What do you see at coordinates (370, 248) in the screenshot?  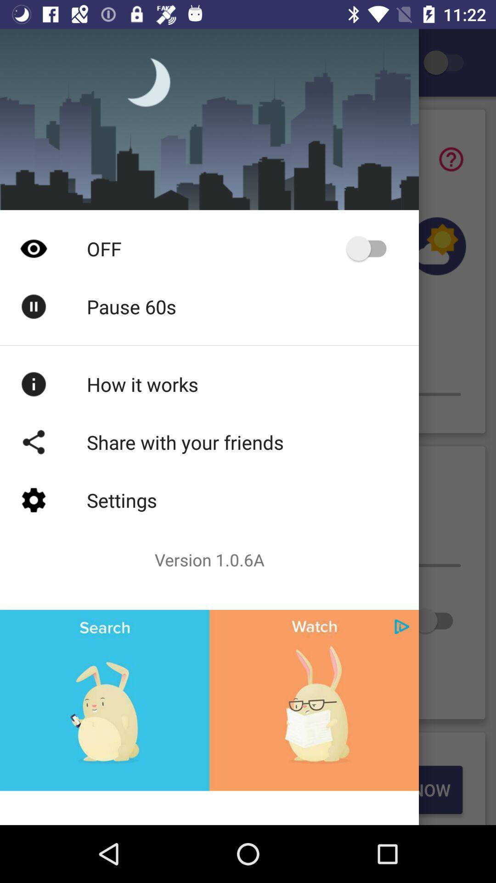 I see `autoplay option` at bounding box center [370, 248].